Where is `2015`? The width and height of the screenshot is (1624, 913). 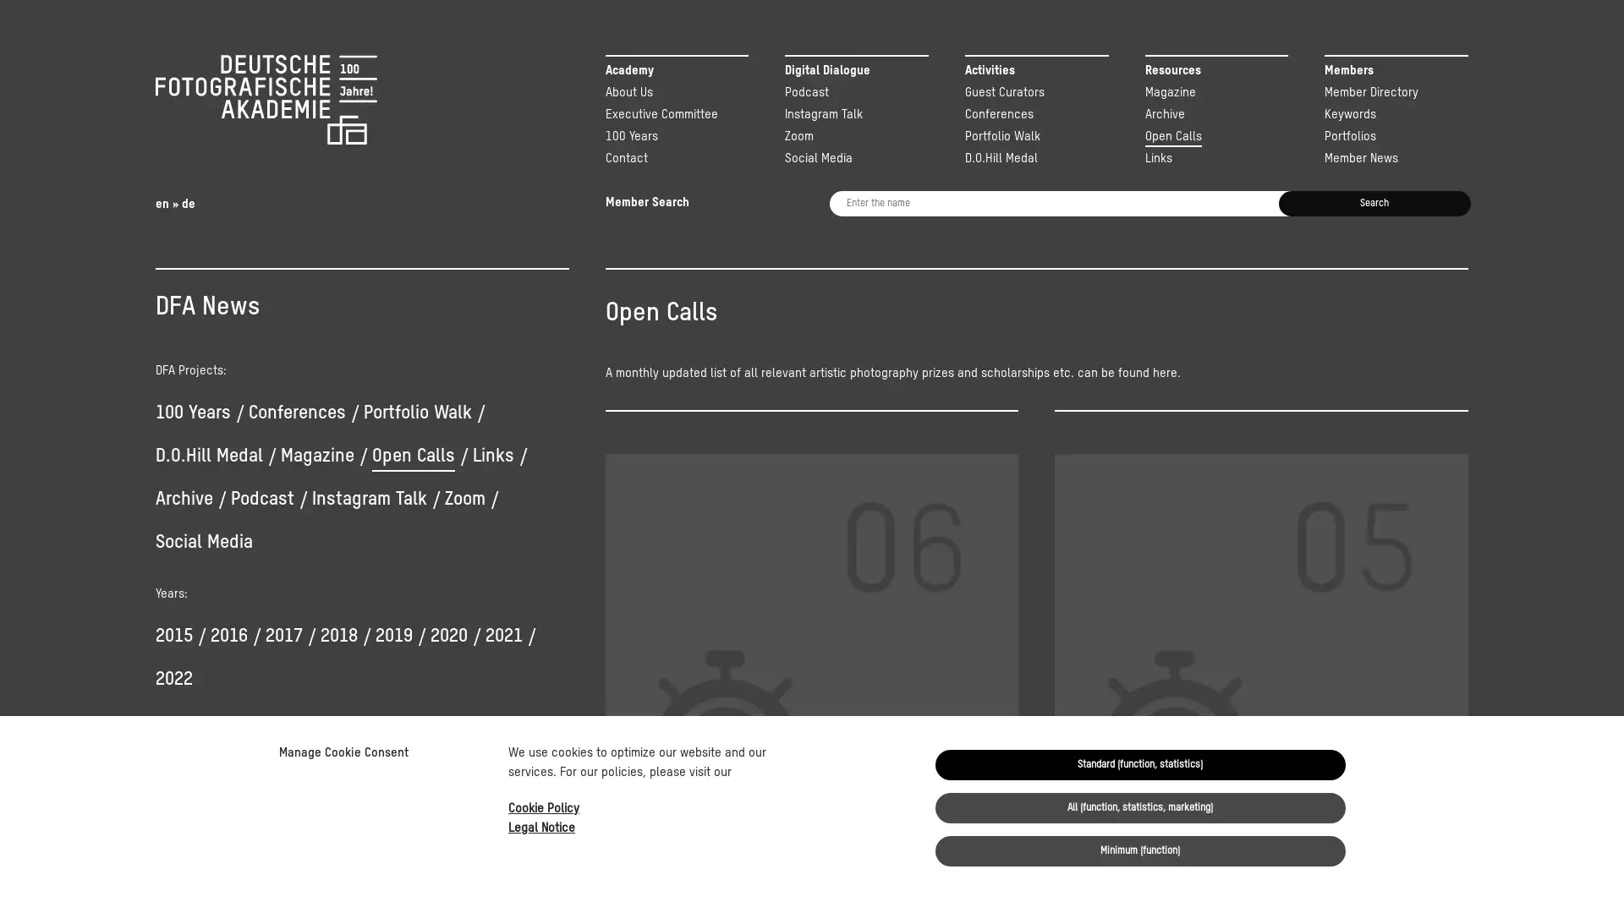
2015 is located at coordinates (174, 636).